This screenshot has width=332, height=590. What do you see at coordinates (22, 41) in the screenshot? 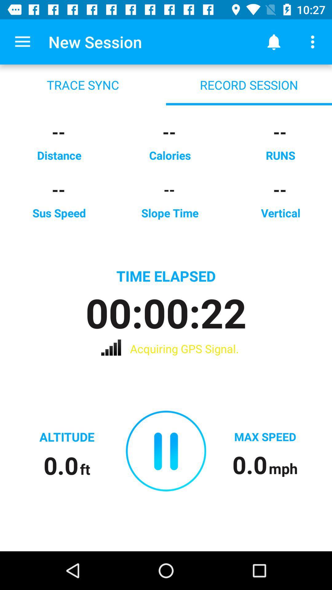
I see `the icon above the trace sync icon` at bounding box center [22, 41].